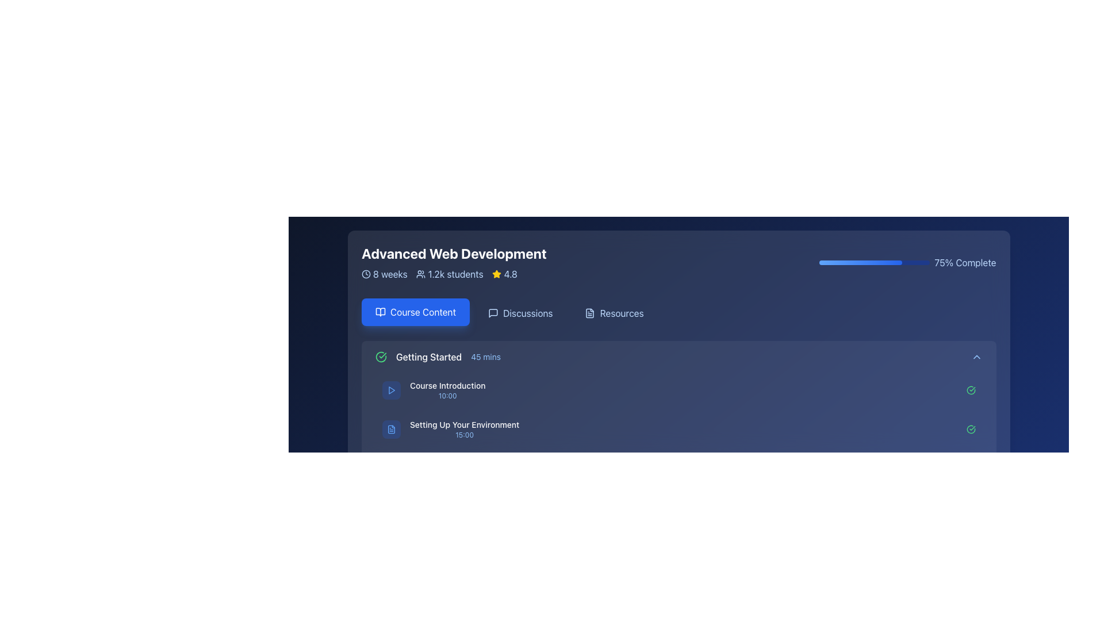 The height and width of the screenshot is (621, 1104). I want to click on the 'Discussions' navigation button, so click(519, 313).